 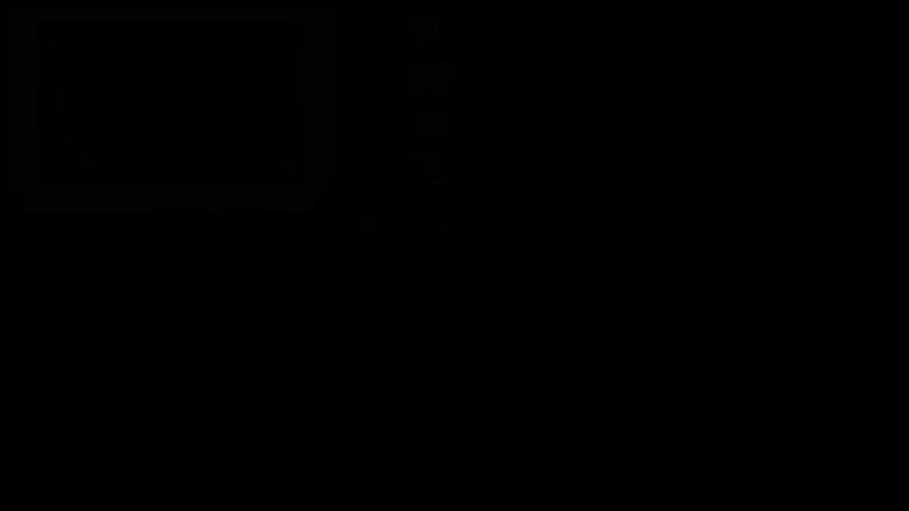 I want to click on CH, so click(x=365, y=160).